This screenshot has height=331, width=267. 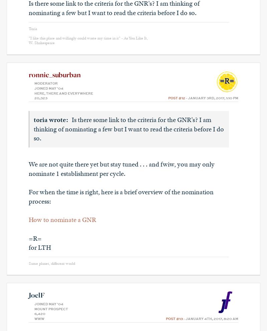 What do you see at coordinates (185, 98) in the screenshot?
I see `'- January 3rd, 2017, 1:10 pm'` at bounding box center [185, 98].